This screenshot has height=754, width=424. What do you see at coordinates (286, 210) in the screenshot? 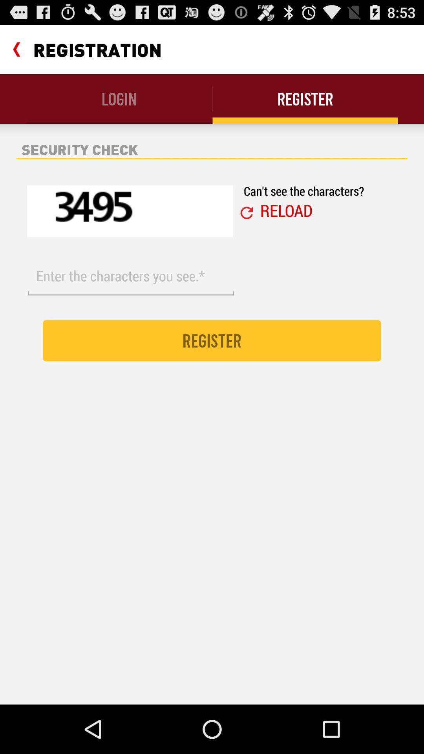
I see `icon below can t see` at bounding box center [286, 210].